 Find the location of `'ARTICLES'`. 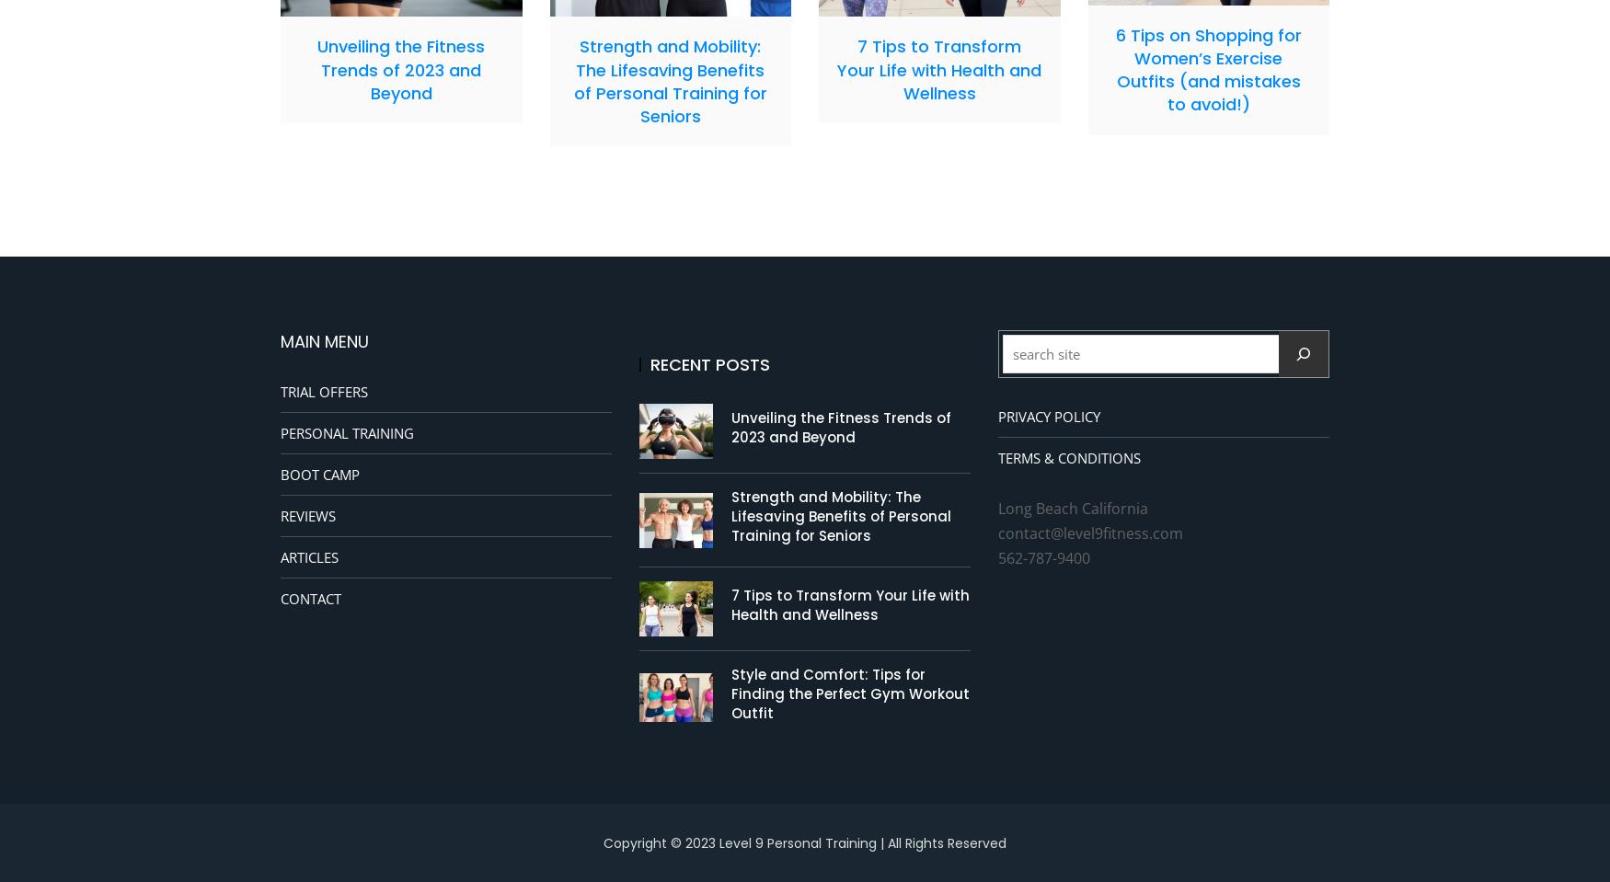

'ARTICLES' is located at coordinates (309, 556).